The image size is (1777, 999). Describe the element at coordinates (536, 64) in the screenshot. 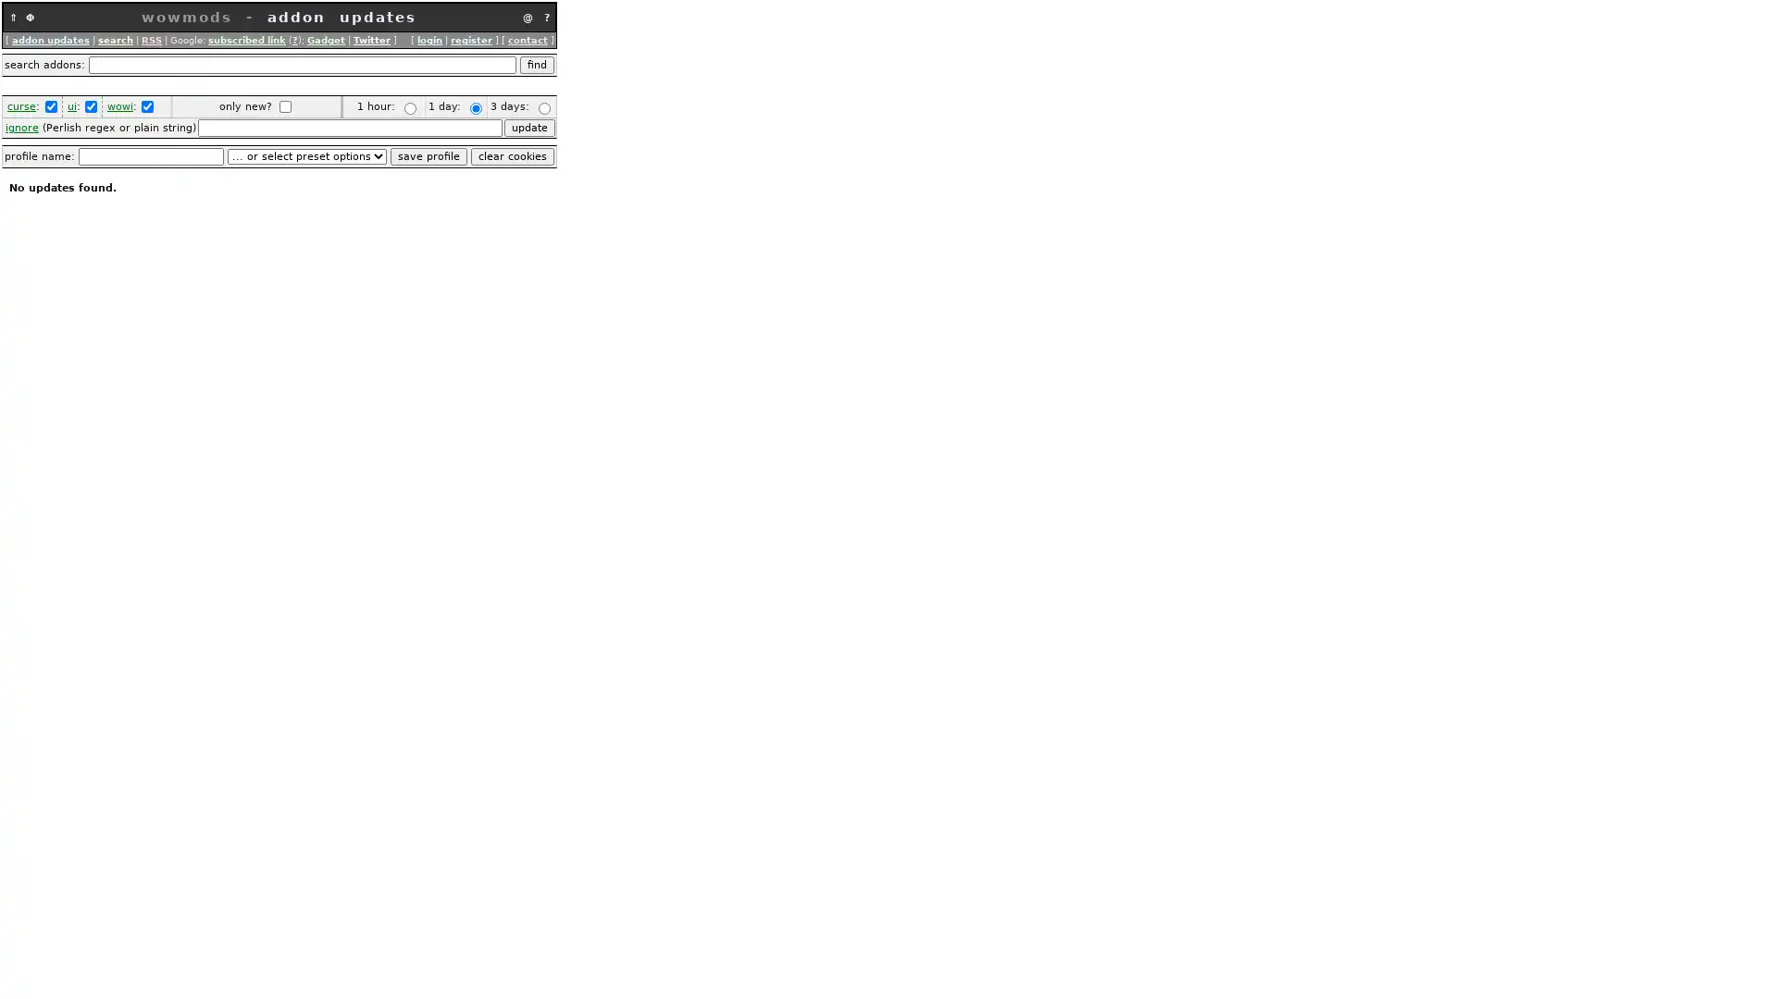

I see `find` at that location.